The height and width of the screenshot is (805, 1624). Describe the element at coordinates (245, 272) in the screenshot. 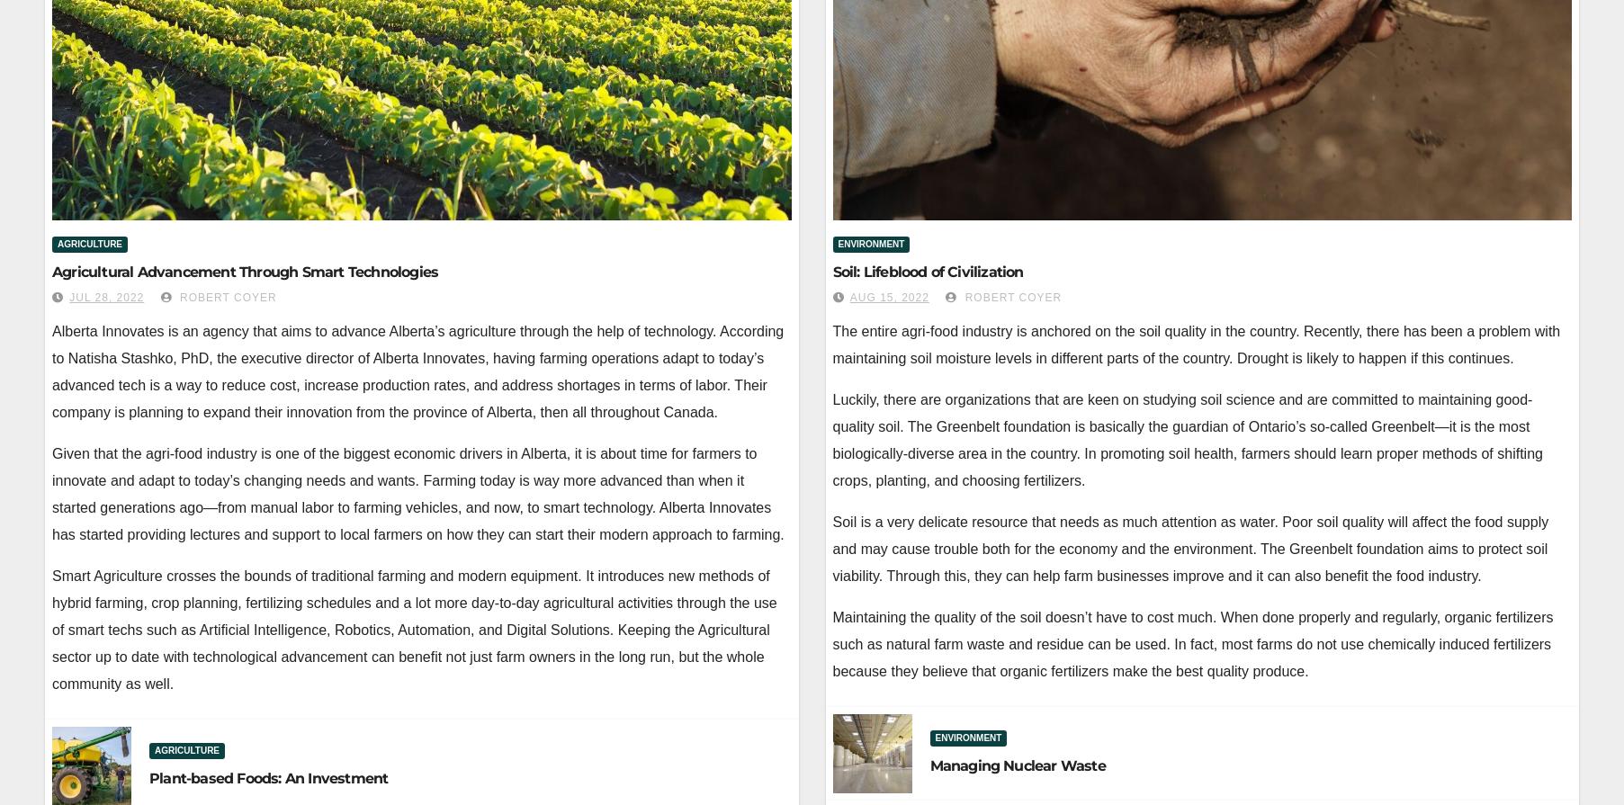

I see `'Agricultural Advancement Through Smart Technologies'` at that location.